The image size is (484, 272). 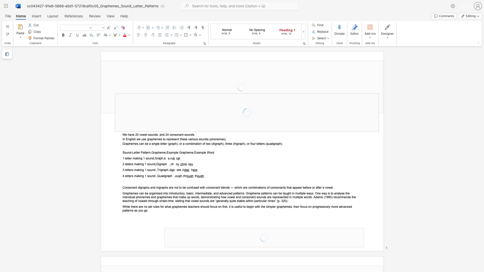 I want to click on the space between the continuous character "r" and "a" in the text, so click(x=162, y=164).